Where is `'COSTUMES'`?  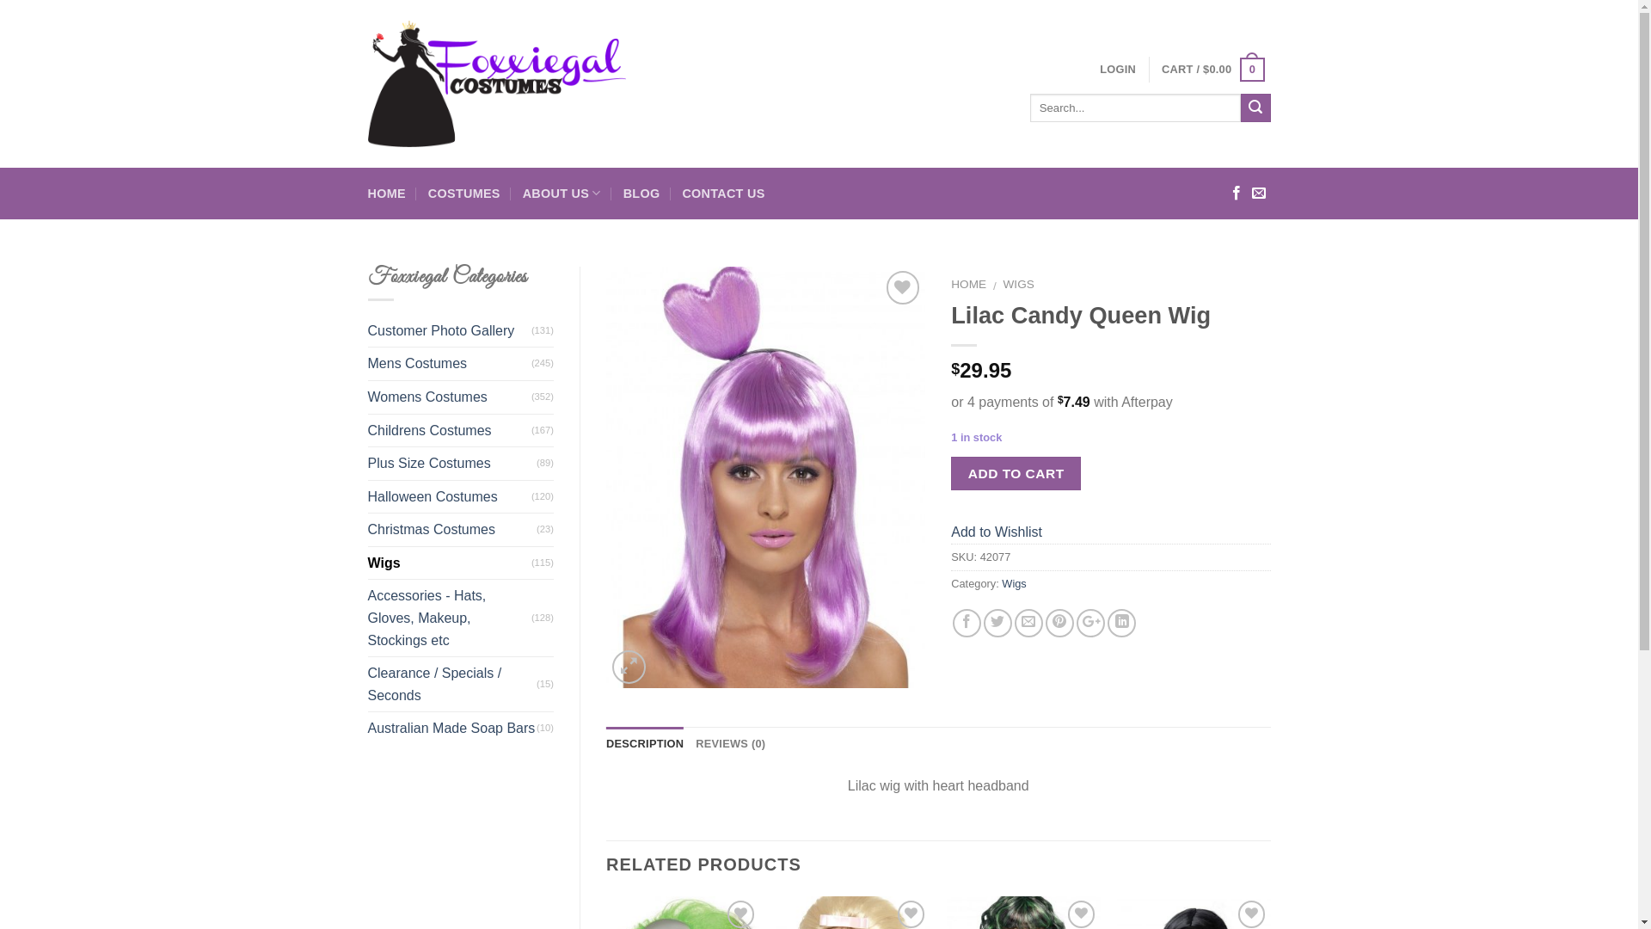
'COSTUMES' is located at coordinates (463, 193).